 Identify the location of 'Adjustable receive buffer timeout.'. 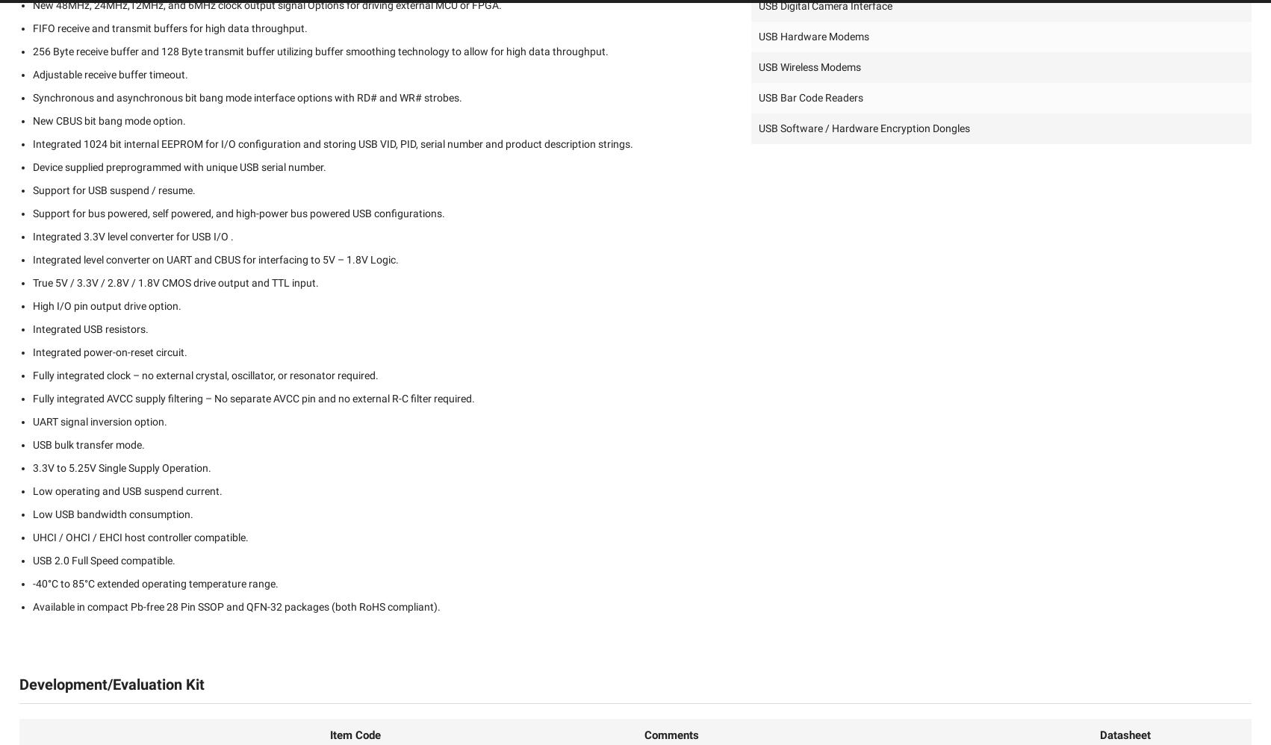
(110, 73).